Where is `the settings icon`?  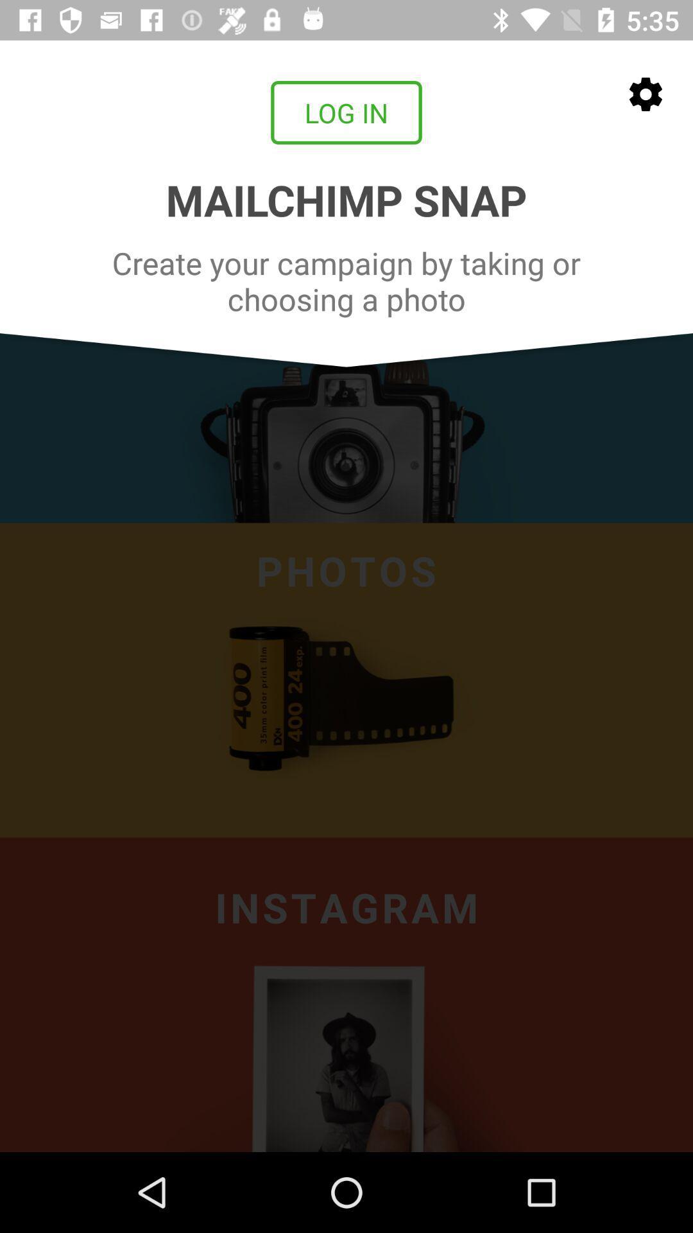 the settings icon is located at coordinates (646, 94).